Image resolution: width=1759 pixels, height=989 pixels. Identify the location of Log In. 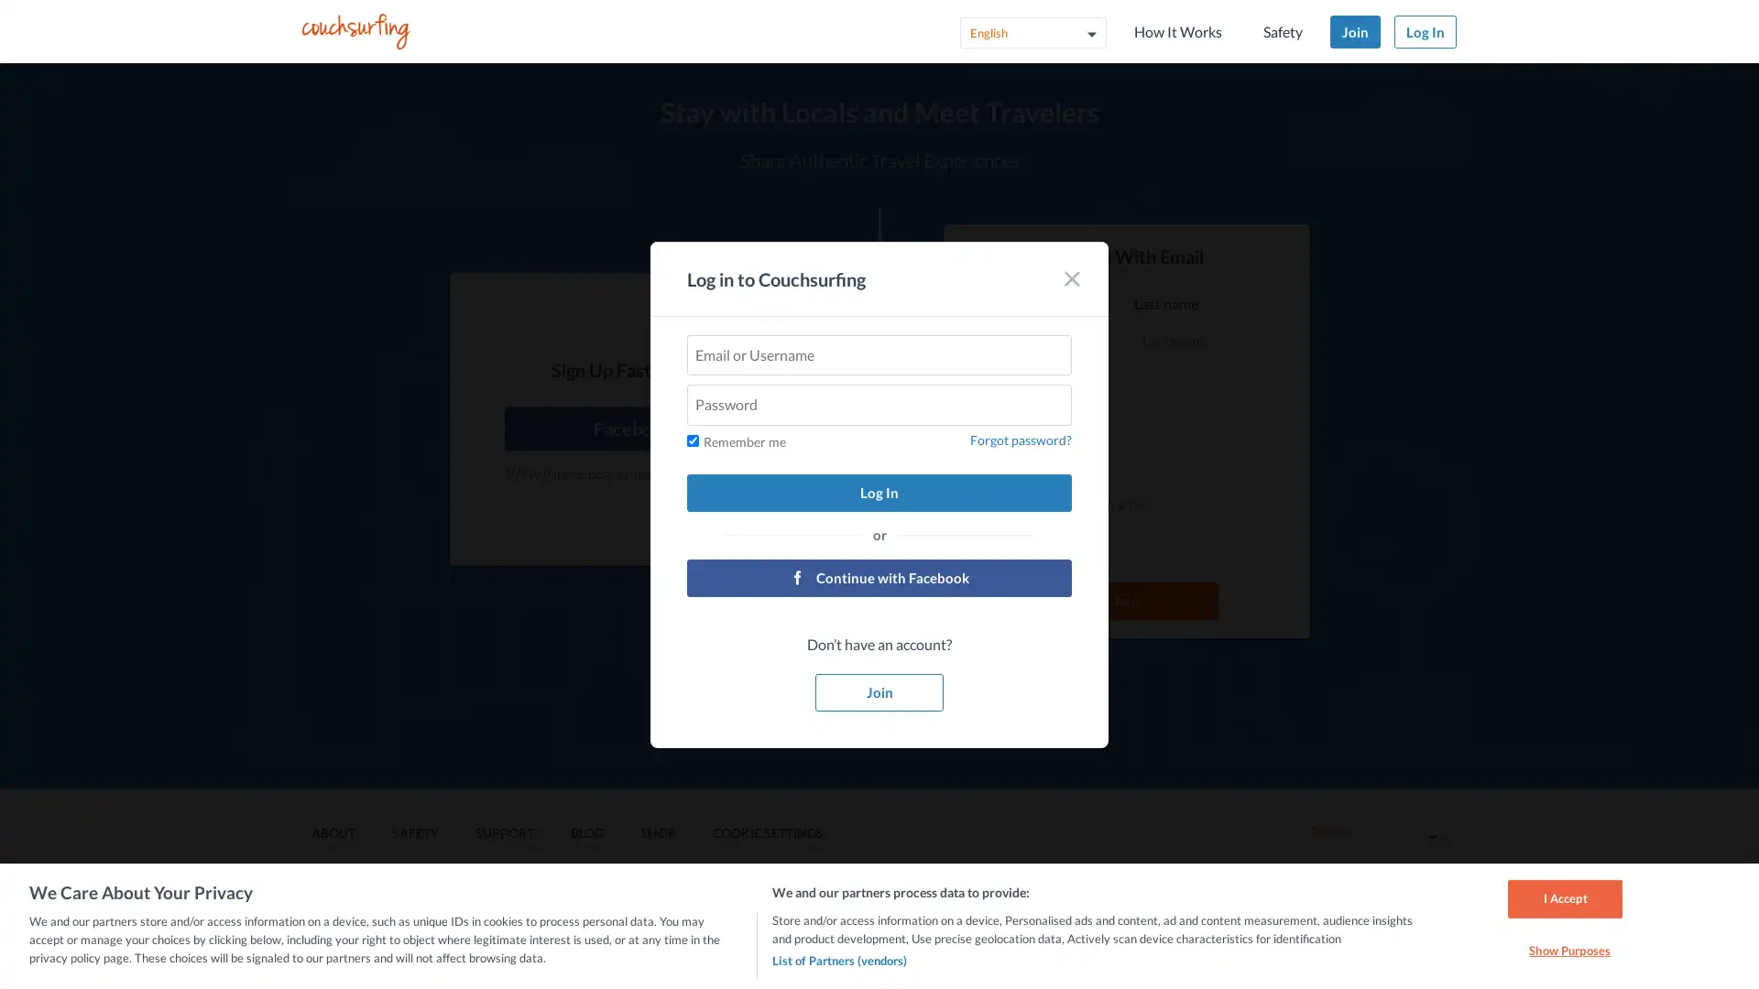
(227, 268).